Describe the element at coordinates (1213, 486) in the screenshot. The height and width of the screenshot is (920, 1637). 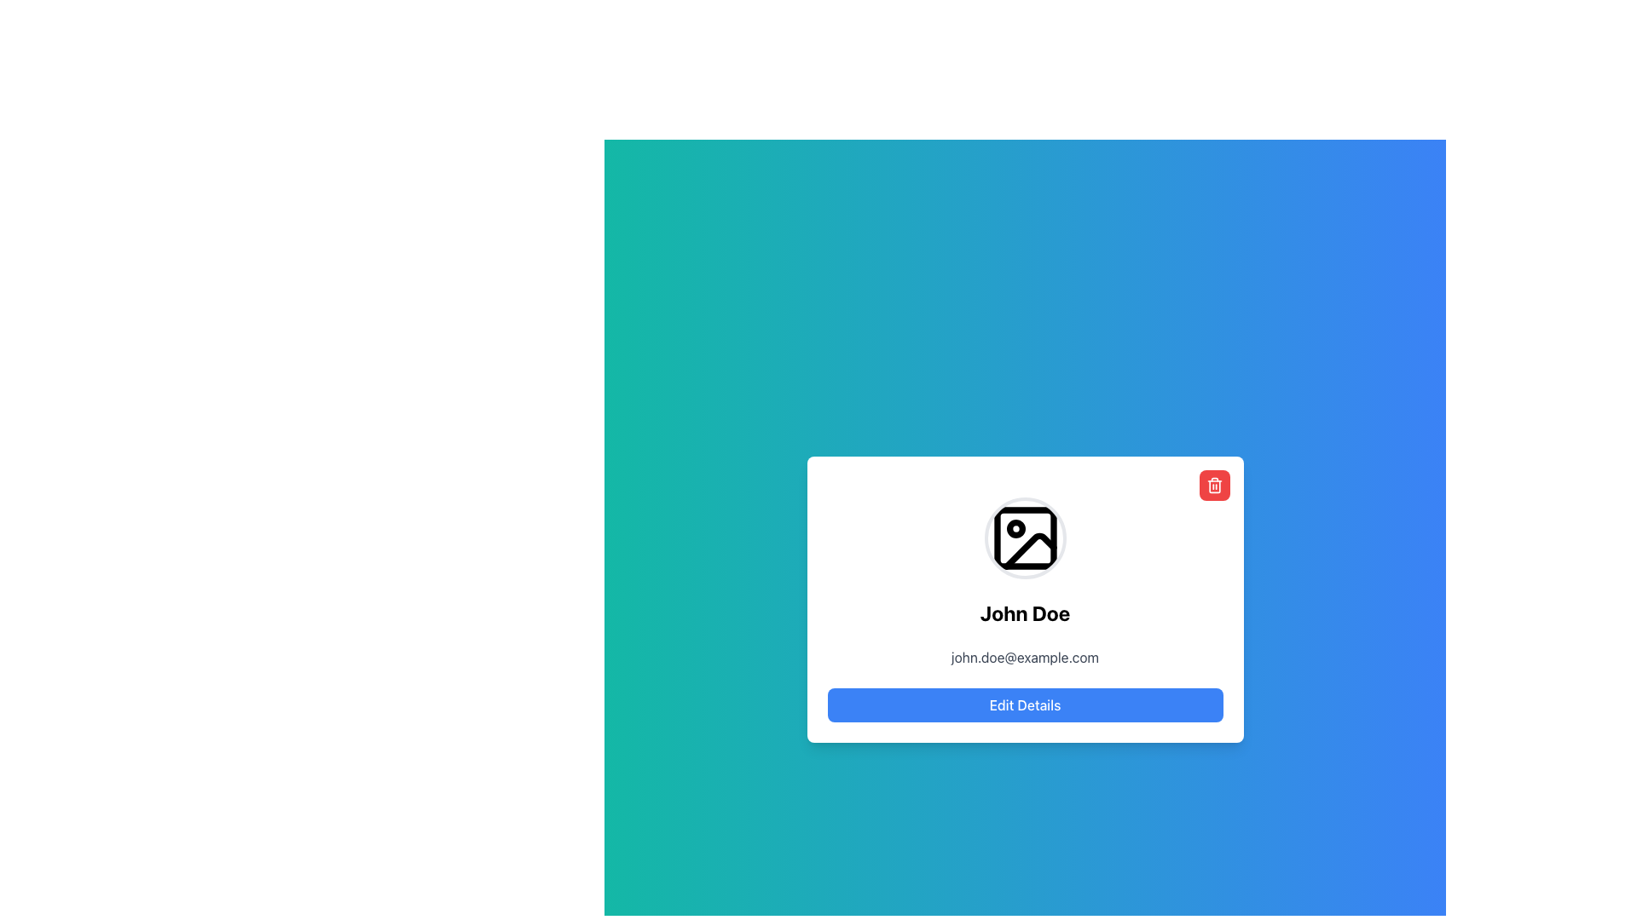
I see `the trash icon located in the top-right corner of the white card component` at that location.